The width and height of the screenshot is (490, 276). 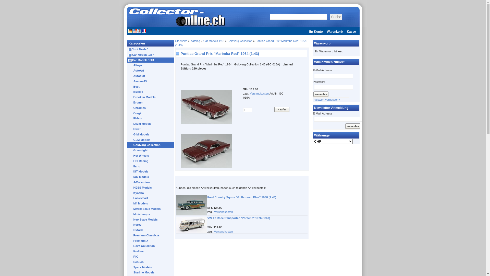 What do you see at coordinates (151, 65) in the screenshot?
I see `'Altaya'` at bounding box center [151, 65].